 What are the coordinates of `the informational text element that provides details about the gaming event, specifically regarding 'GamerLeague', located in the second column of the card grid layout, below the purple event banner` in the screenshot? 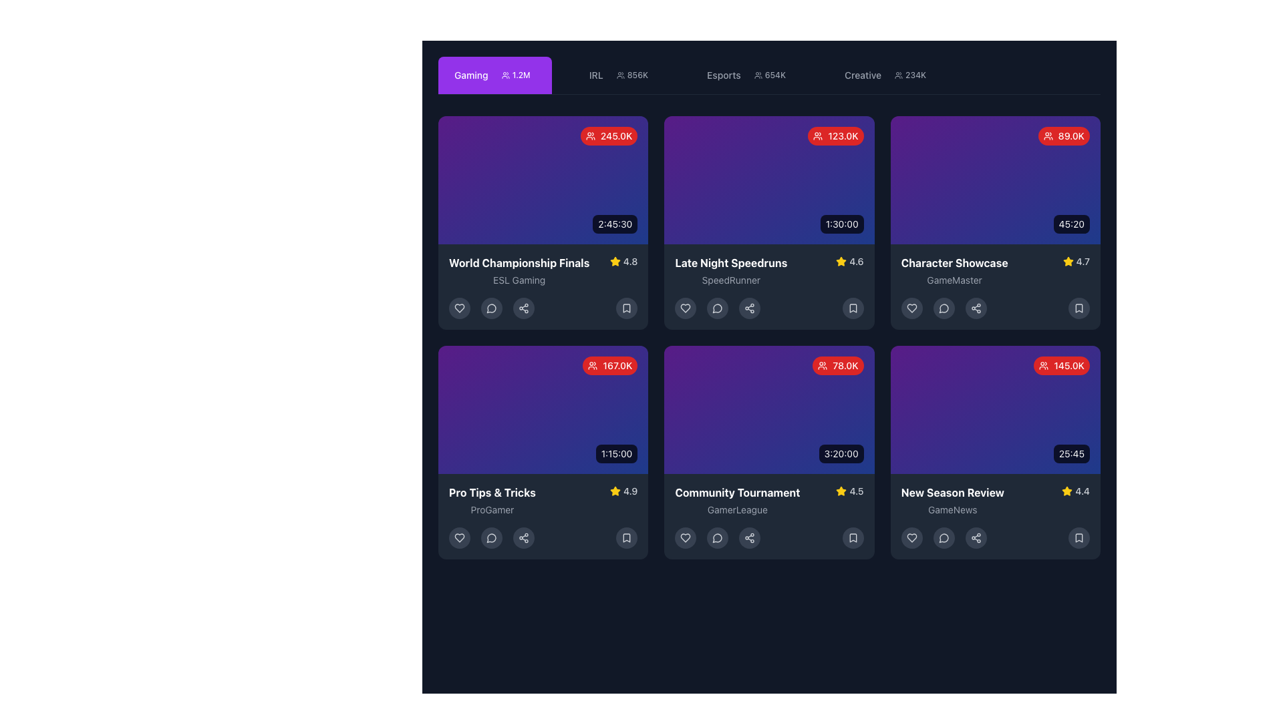 It's located at (736, 500).